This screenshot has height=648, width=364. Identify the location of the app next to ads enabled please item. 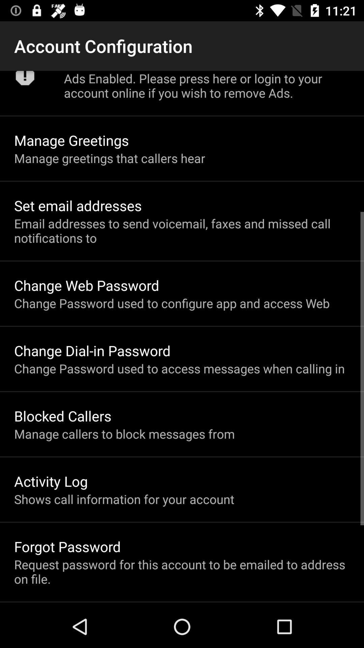
(25, 80).